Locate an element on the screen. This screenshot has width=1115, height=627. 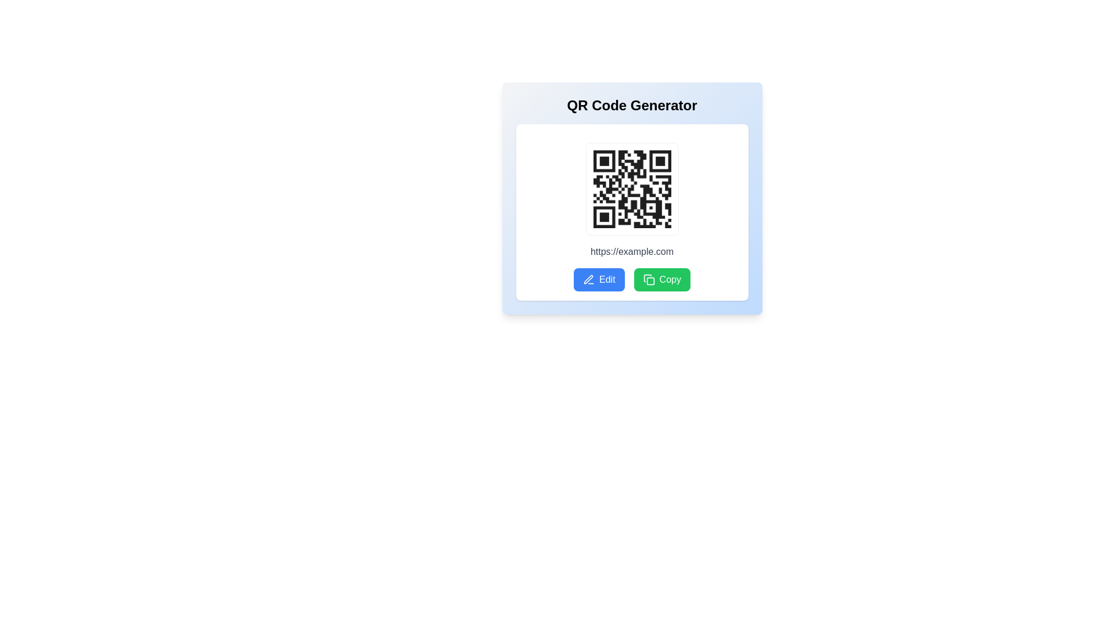
the 'Copy' button located is located at coordinates (662, 280).